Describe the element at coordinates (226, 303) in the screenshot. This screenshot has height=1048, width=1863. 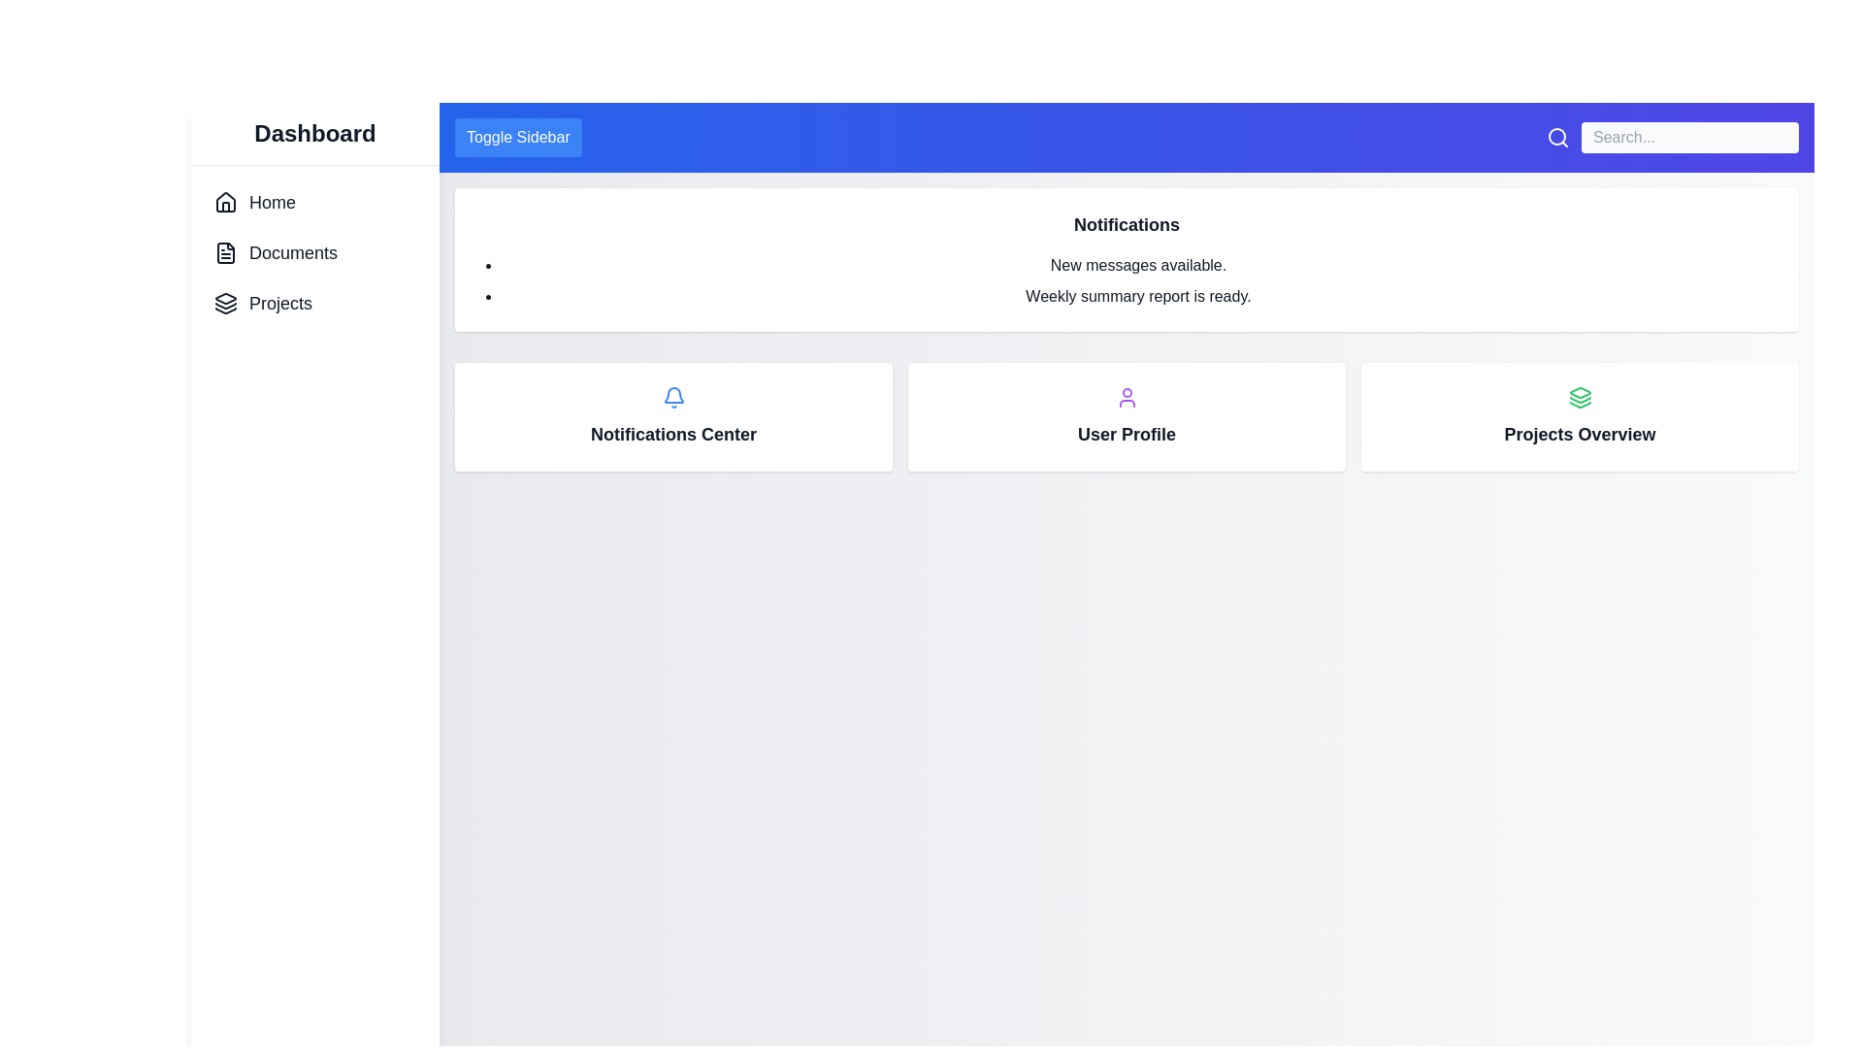
I see `the layered icon in the sidebar menu, which is composed of three overlapping, curved shapes with a dark blue stroke, located immediately to the left of the 'Projects' text` at that location.